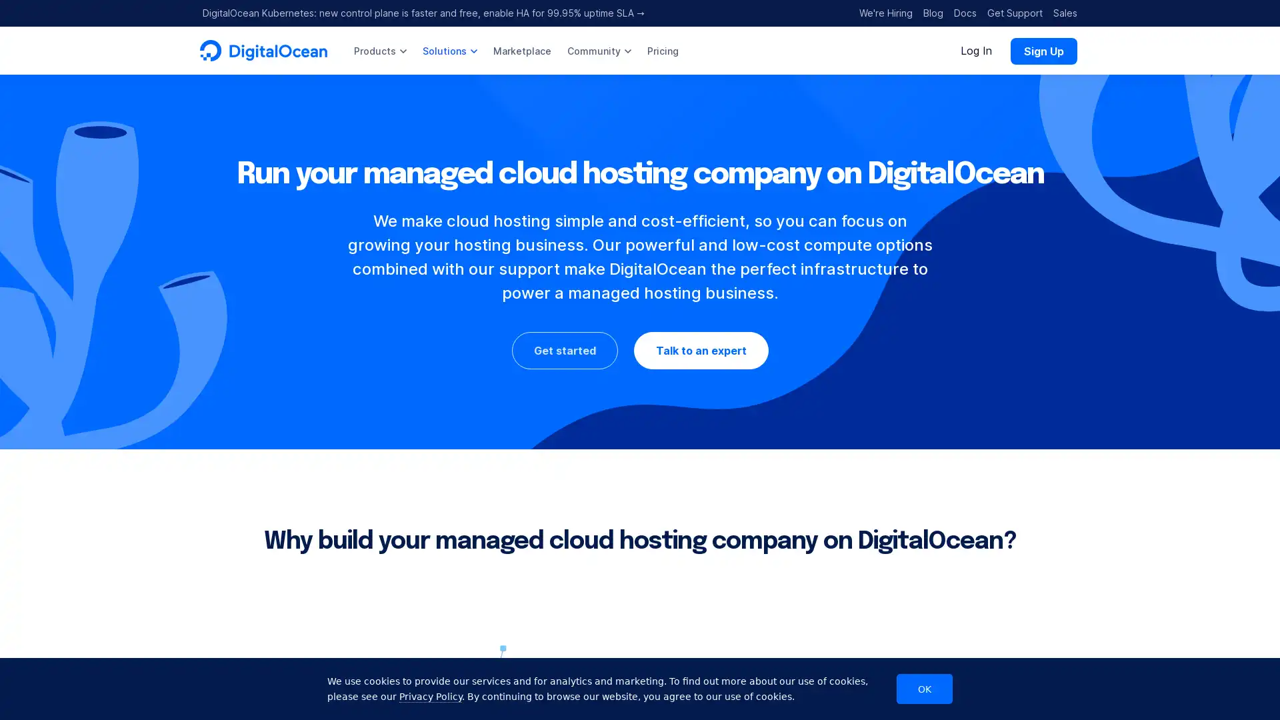  What do you see at coordinates (976, 50) in the screenshot?
I see `Log In` at bounding box center [976, 50].